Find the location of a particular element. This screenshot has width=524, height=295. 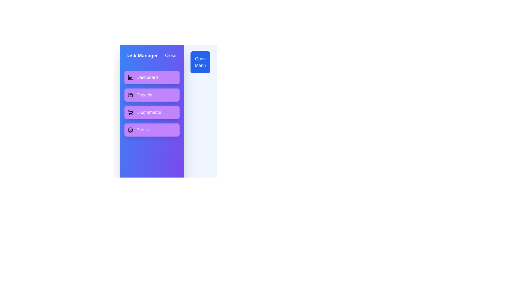

the 'Close' button to close the drawer is located at coordinates (170, 56).